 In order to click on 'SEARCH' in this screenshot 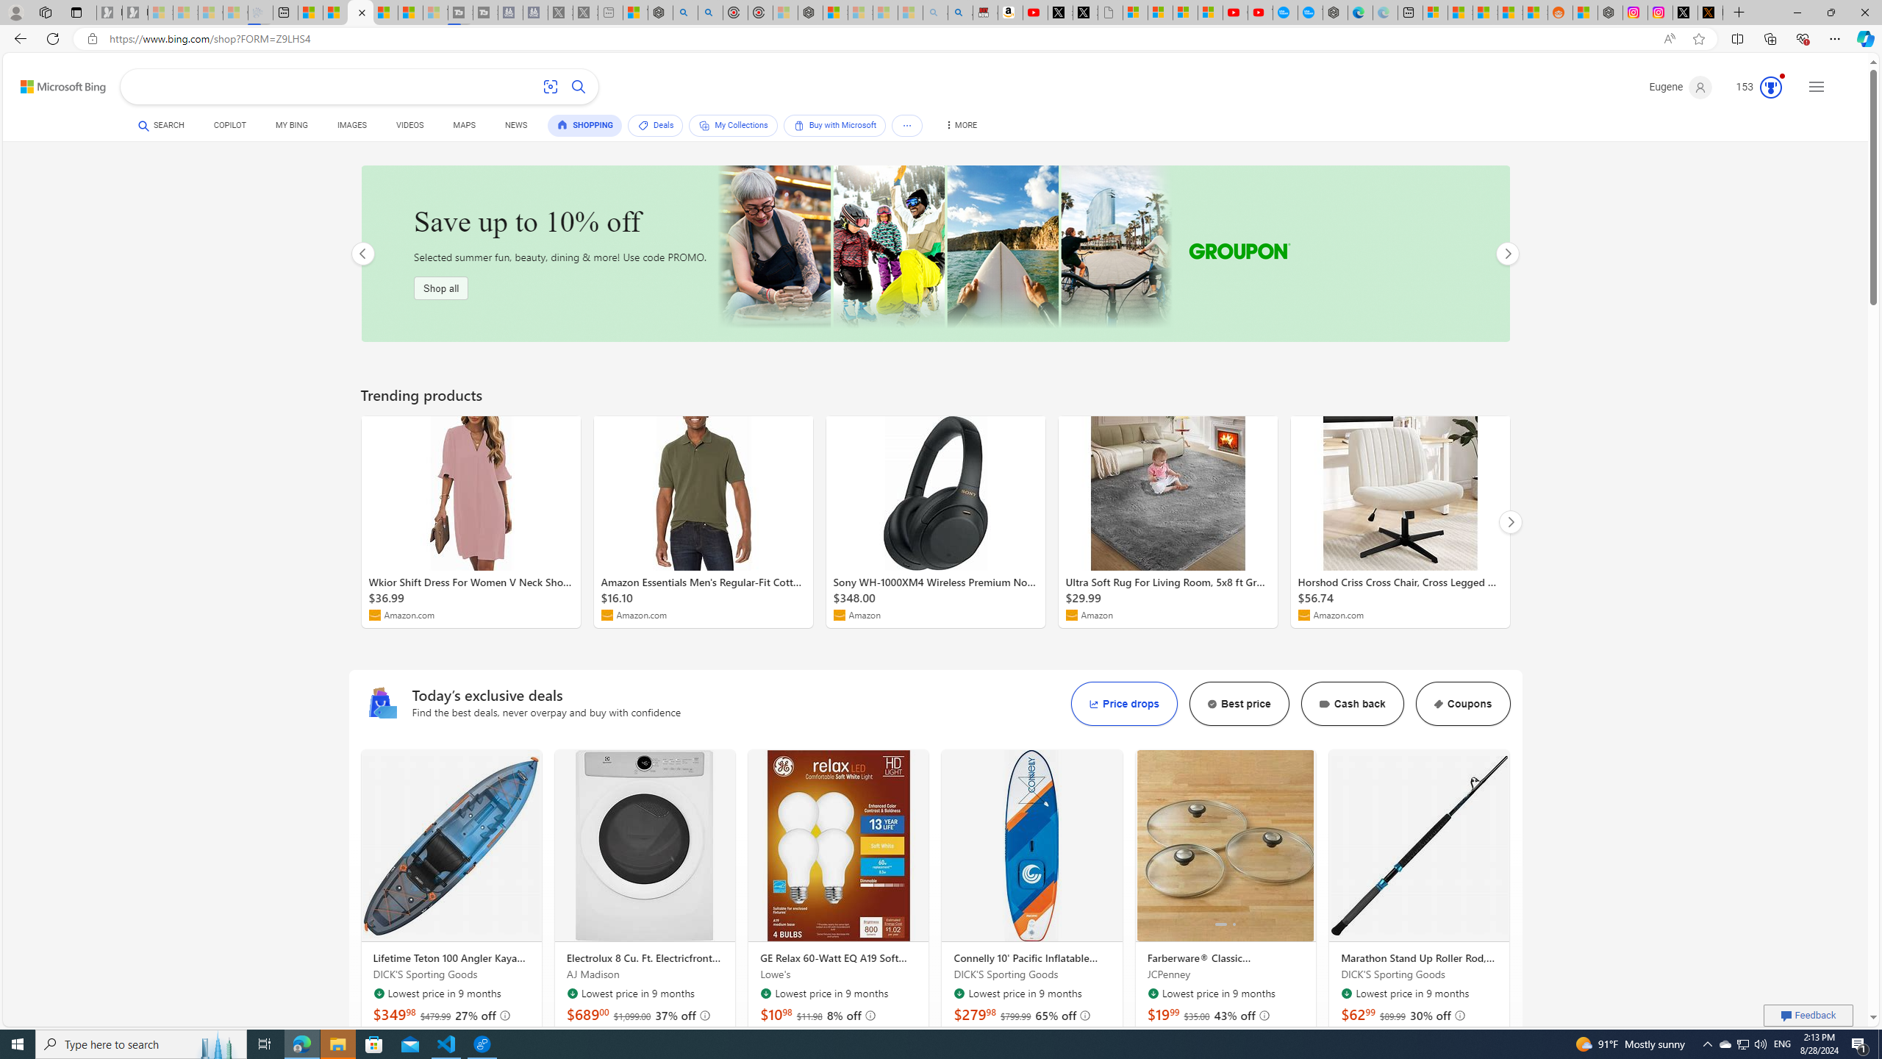, I will do `click(162, 124)`.